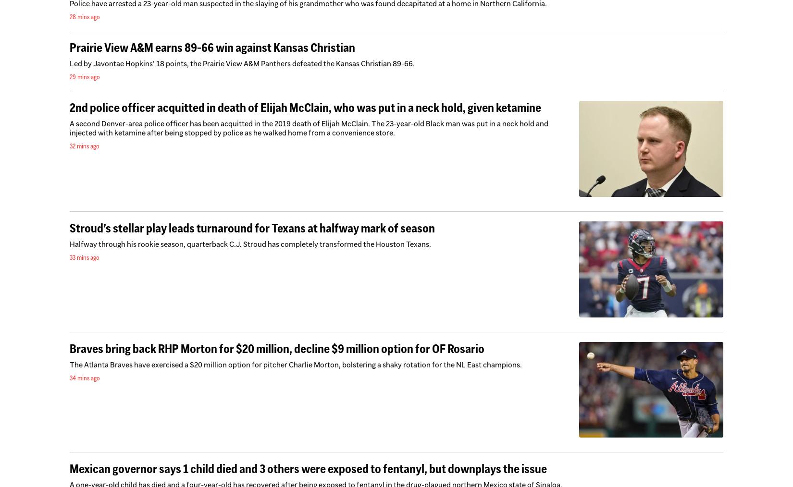 The image size is (793, 487). What do you see at coordinates (305, 107) in the screenshot?
I see `'2nd police officer acquitted in death of Elijah McClain, who was put in a neck hold, given ketamine'` at bounding box center [305, 107].